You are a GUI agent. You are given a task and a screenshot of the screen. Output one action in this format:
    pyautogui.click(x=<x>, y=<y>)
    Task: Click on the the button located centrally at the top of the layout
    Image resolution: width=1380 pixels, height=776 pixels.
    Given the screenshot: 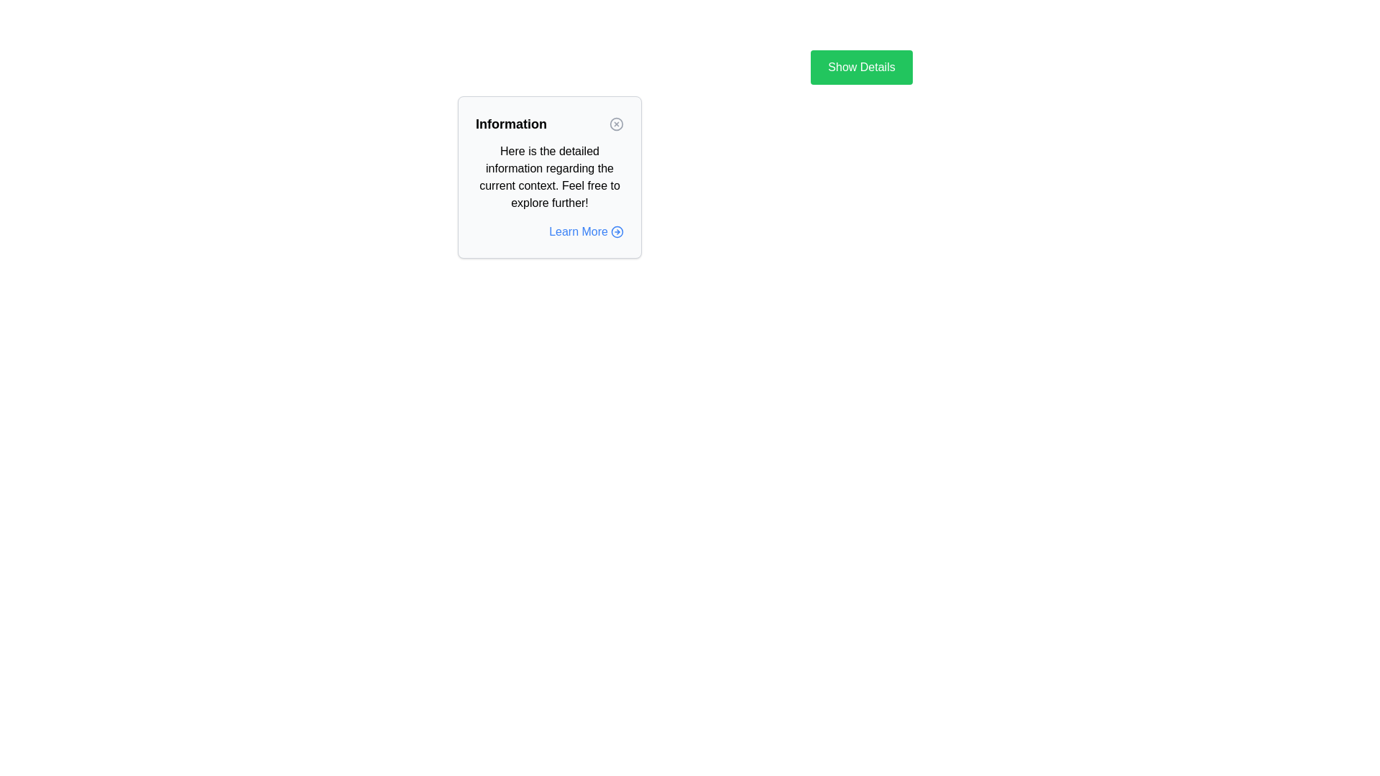 What is the action you would take?
    pyautogui.click(x=862, y=67)
    